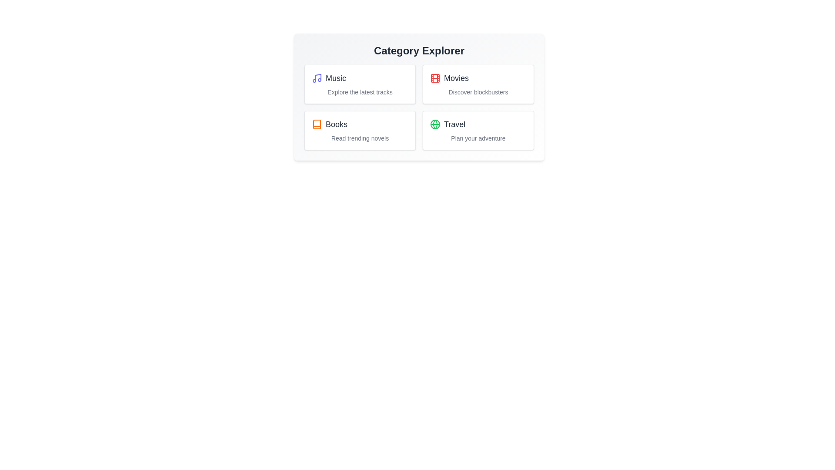  What do you see at coordinates (478, 84) in the screenshot?
I see `the 'Movies' category` at bounding box center [478, 84].